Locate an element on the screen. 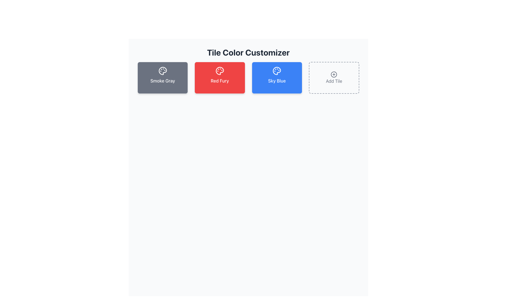 The height and width of the screenshot is (297, 529). the interactive icon for adding new tiles, located in the top-right corner of the grid under the 'Tile Color Customizer' header is located at coordinates (334, 74).